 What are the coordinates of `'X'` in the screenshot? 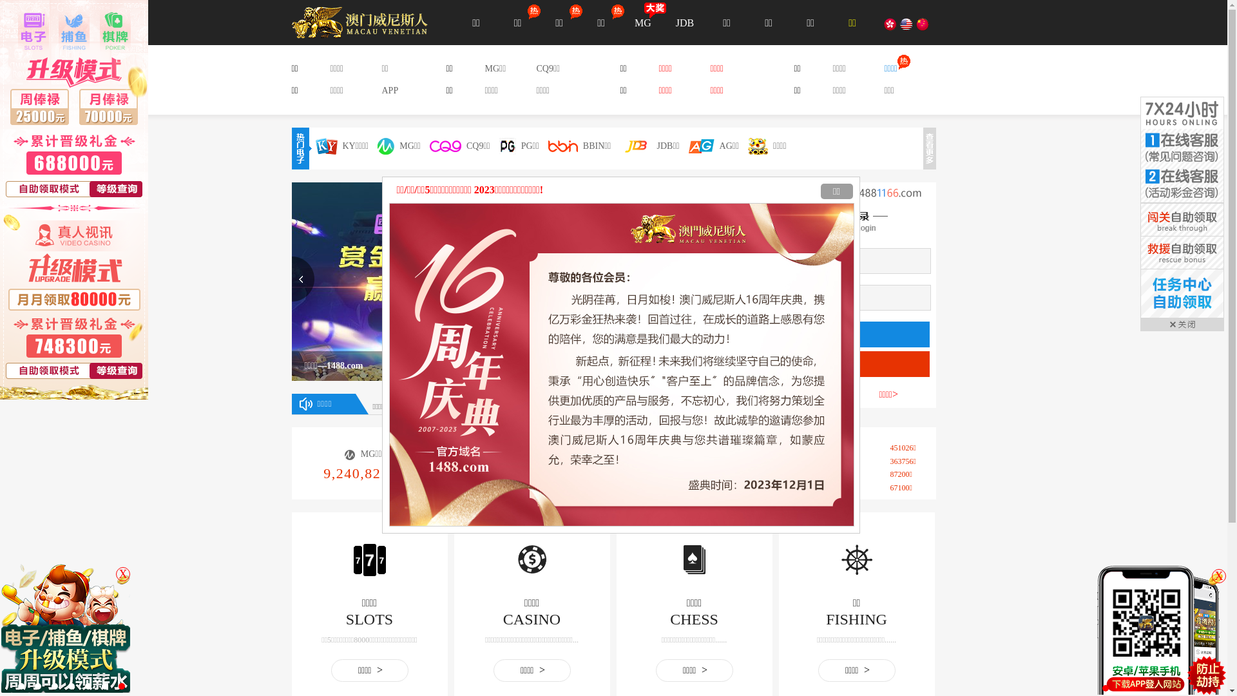 It's located at (123, 574).